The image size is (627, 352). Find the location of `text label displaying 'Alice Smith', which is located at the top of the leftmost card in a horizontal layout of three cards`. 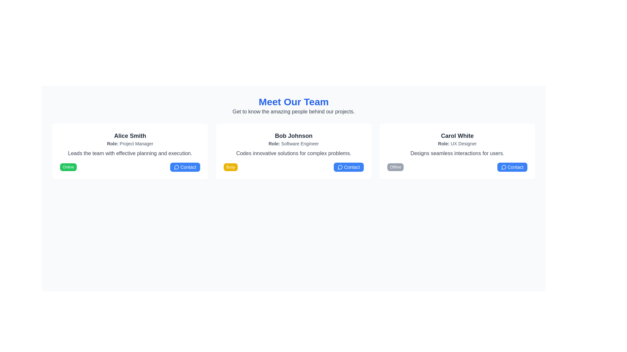

text label displaying 'Alice Smith', which is located at the top of the leftmost card in a horizontal layout of three cards is located at coordinates (130, 135).